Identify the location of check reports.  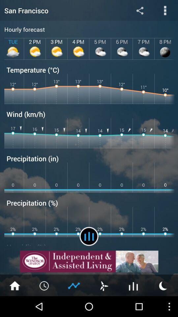
(89, 236).